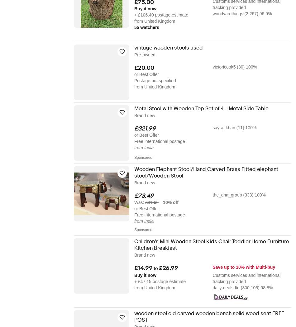 This screenshot has width=296, height=327. I want to click on 'sayra_khan (11) 100%', so click(212, 128).